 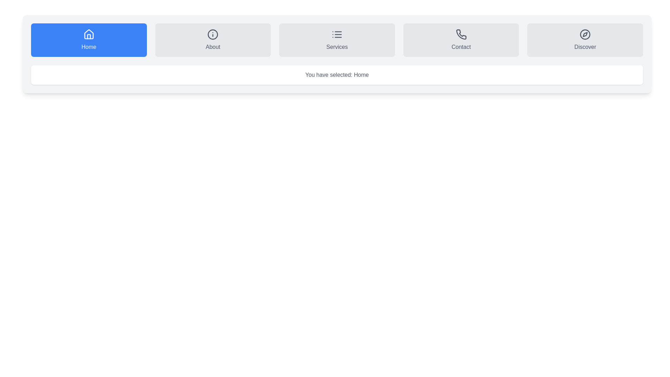 I want to click on the 'Contact' button in the navigation panel, which has a light gray background, rounded corners, and contains a phone icon with 'Contact' text below it, so click(x=461, y=40).